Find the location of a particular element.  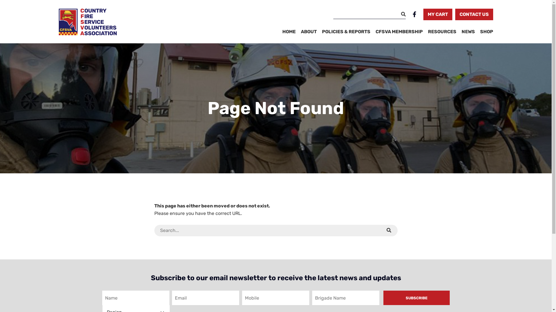

'Subscribe' is located at coordinates (416, 298).